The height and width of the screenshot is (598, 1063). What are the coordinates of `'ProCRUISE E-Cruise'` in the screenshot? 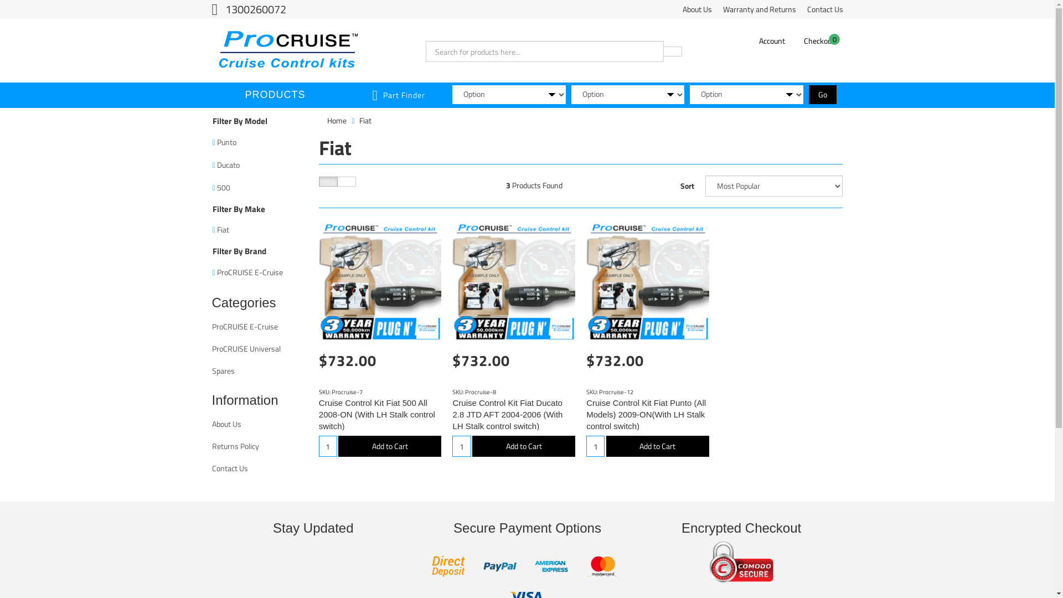 It's located at (695, 327).